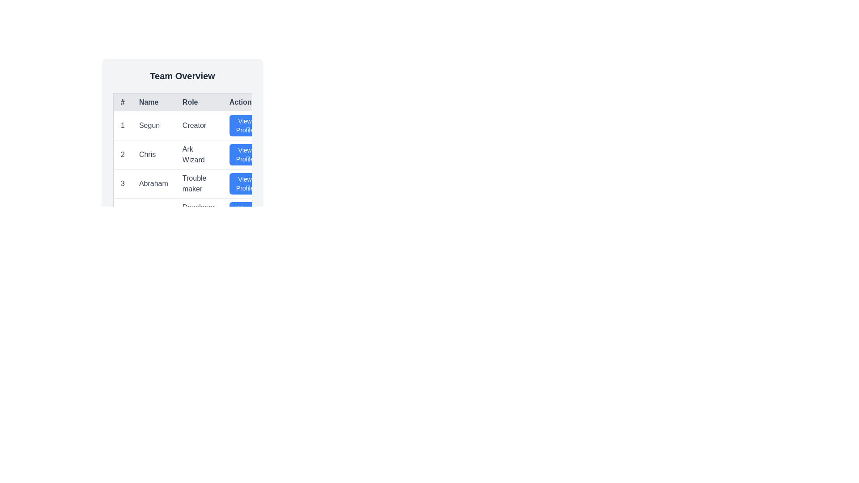  What do you see at coordinates (249, 212) in the screenshot?
I see `the 'View Profile' button in the 'Action' column of the 'Team Overview' table, which is the third button in the fourth row` at bounding box center [249, 212].